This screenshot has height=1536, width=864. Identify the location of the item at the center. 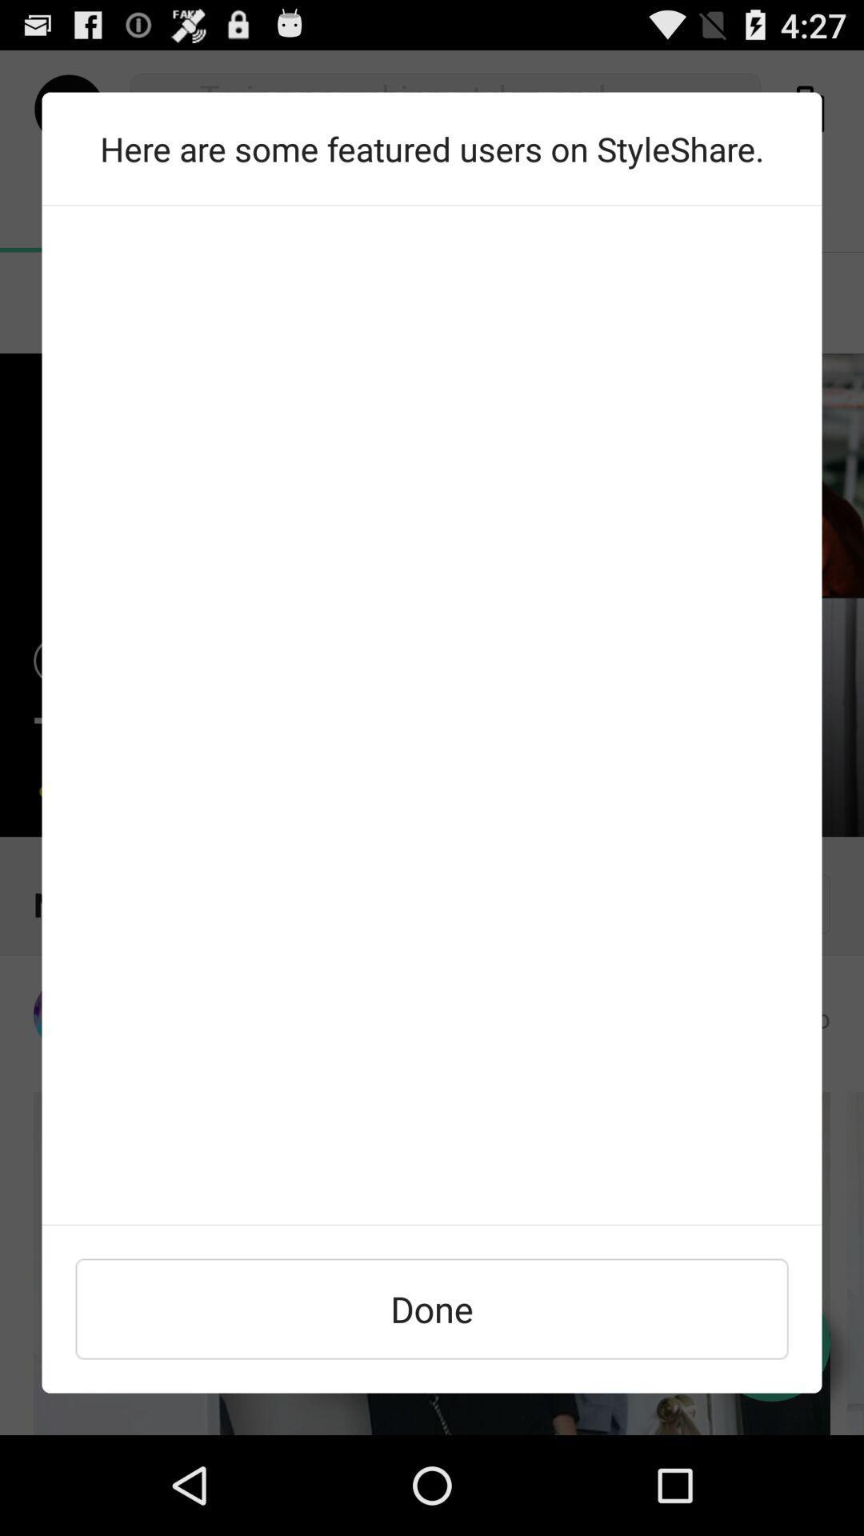
(432, 714).